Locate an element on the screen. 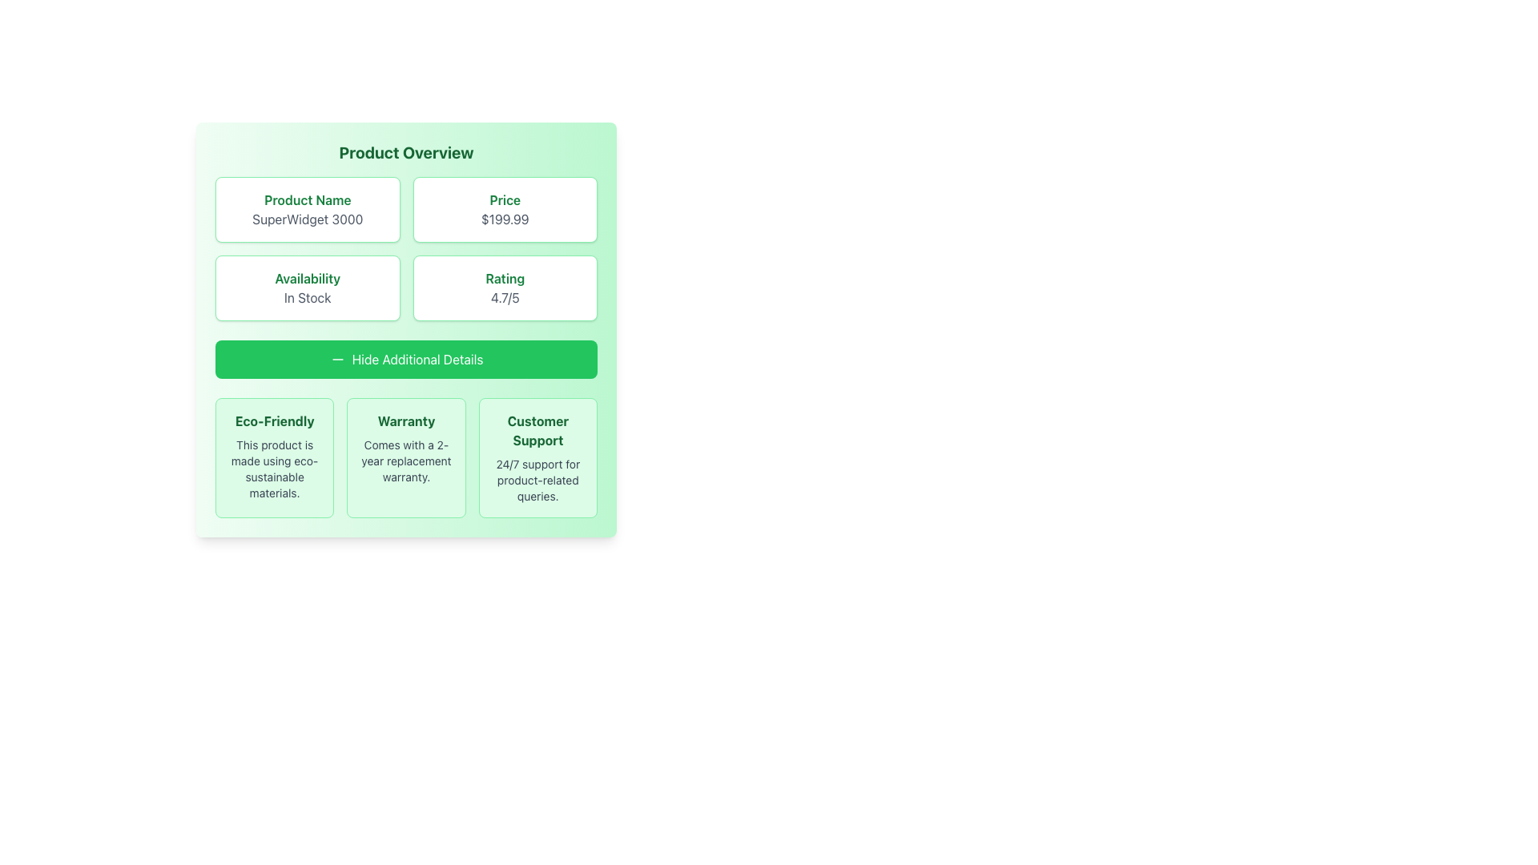 This screenshot has width=1538, height=865. the descriptive text about 24/7 support services located within the green box labeled 'Customer Support' at the bottom-right section of the grid layout is located at coordinates (537, 480).